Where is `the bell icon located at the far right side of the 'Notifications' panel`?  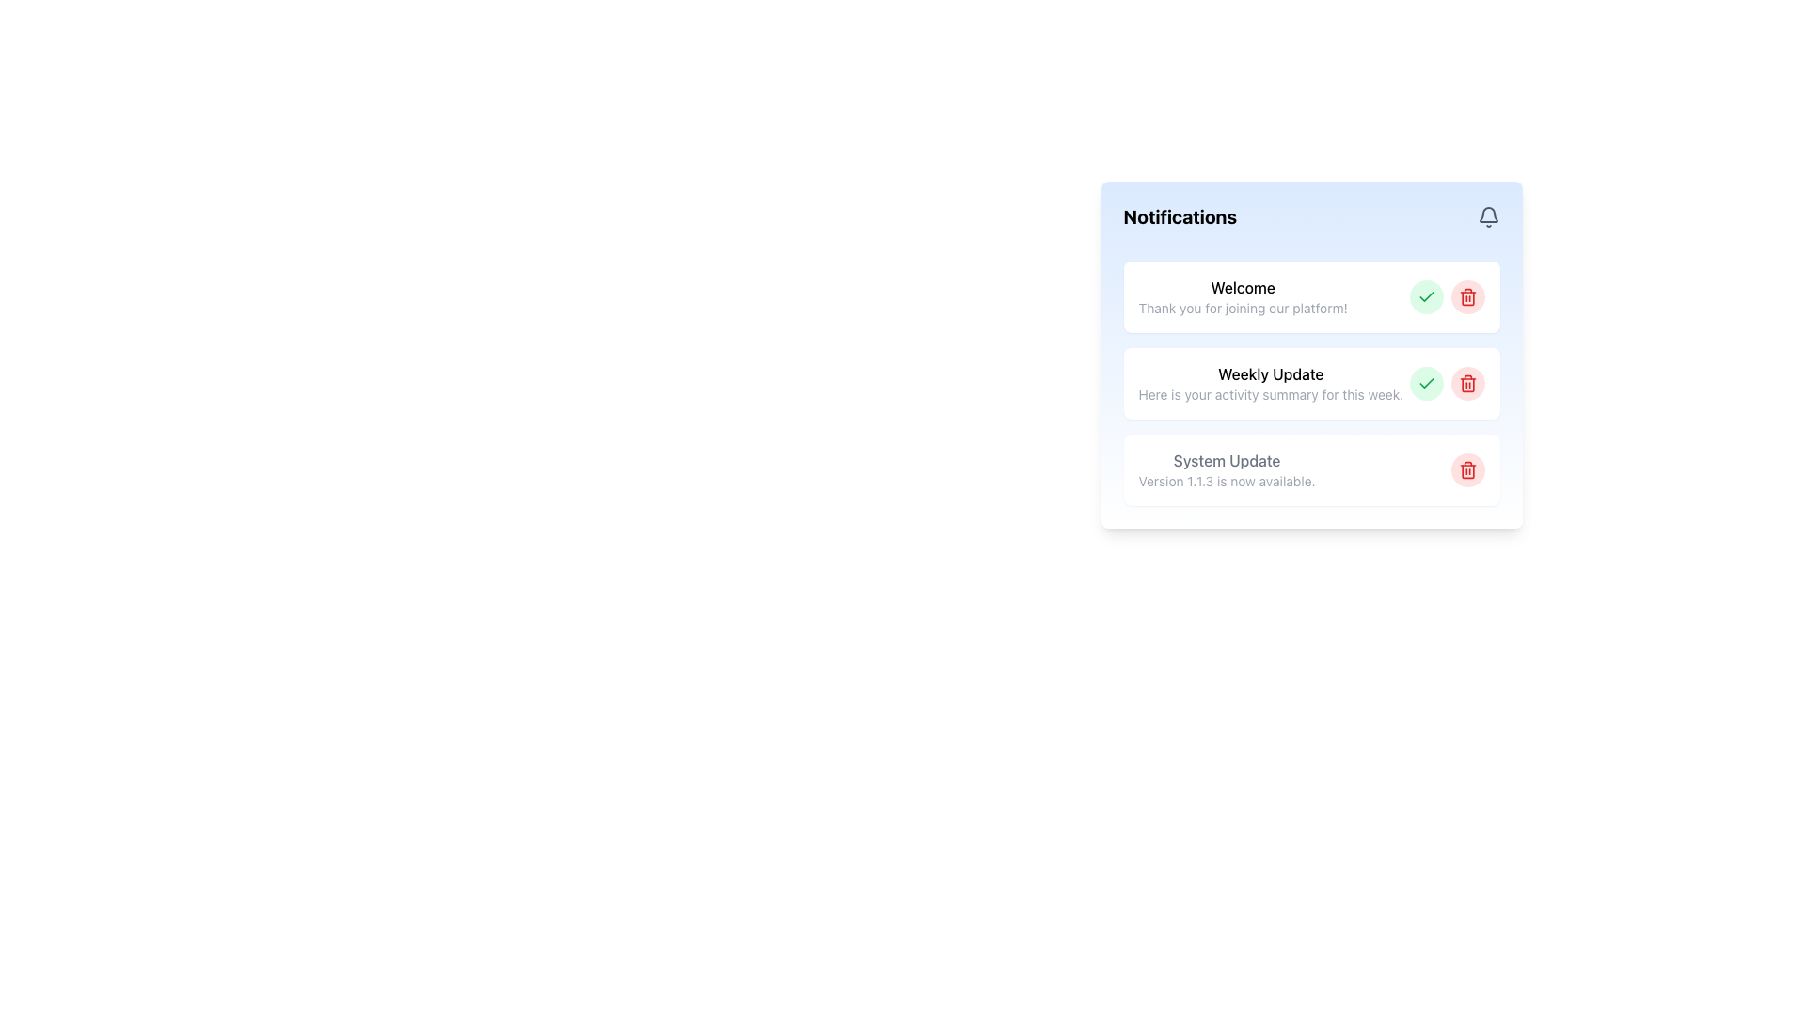 the bell icon located at the far right side of the 'Notifications' panel is located at coordinates (1487, 216).